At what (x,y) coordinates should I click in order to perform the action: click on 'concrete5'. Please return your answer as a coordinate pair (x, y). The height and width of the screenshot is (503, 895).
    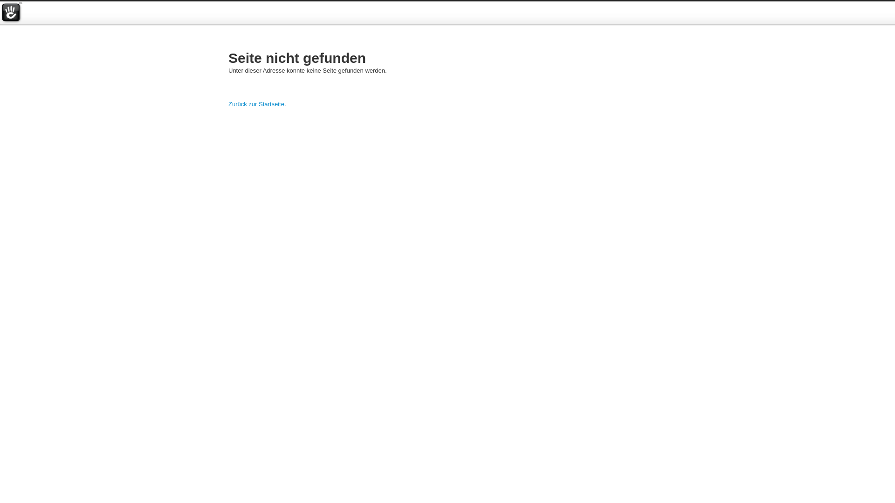
    Looking at the image, I should click on (11, 13).